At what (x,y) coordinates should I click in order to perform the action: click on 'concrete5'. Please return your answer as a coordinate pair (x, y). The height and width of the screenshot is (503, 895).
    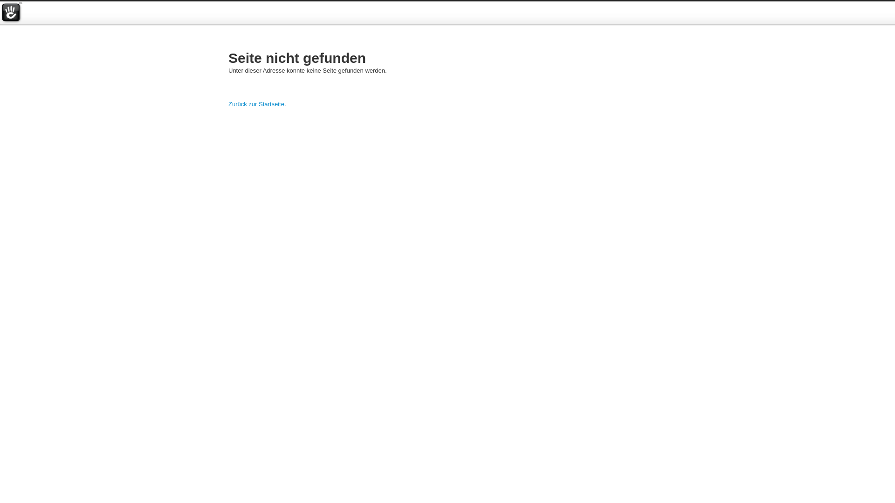
    Looking at the image, I should click on (11, 13).